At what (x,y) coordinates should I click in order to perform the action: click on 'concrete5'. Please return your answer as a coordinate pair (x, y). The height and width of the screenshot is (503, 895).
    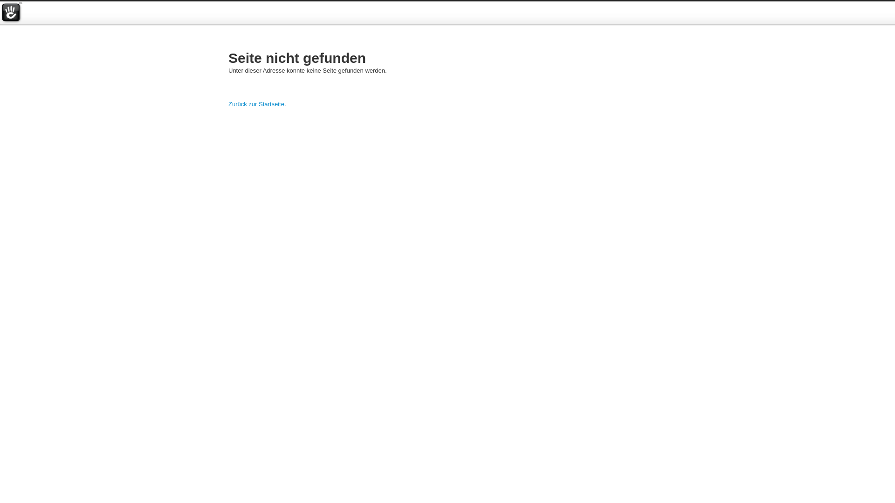
    Looking at the image, I should click on (11, 13).